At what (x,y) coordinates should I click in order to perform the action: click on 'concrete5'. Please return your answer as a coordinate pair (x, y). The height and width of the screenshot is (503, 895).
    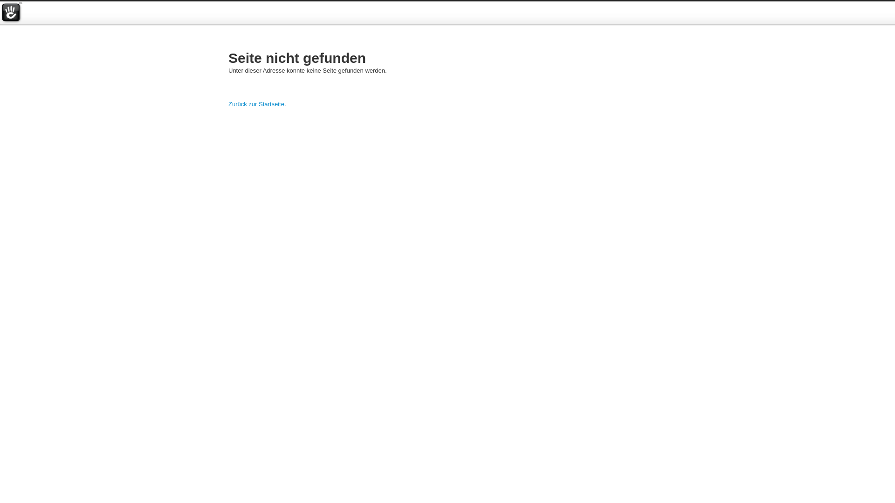
    Looking at the image, I should click on (11, 13).